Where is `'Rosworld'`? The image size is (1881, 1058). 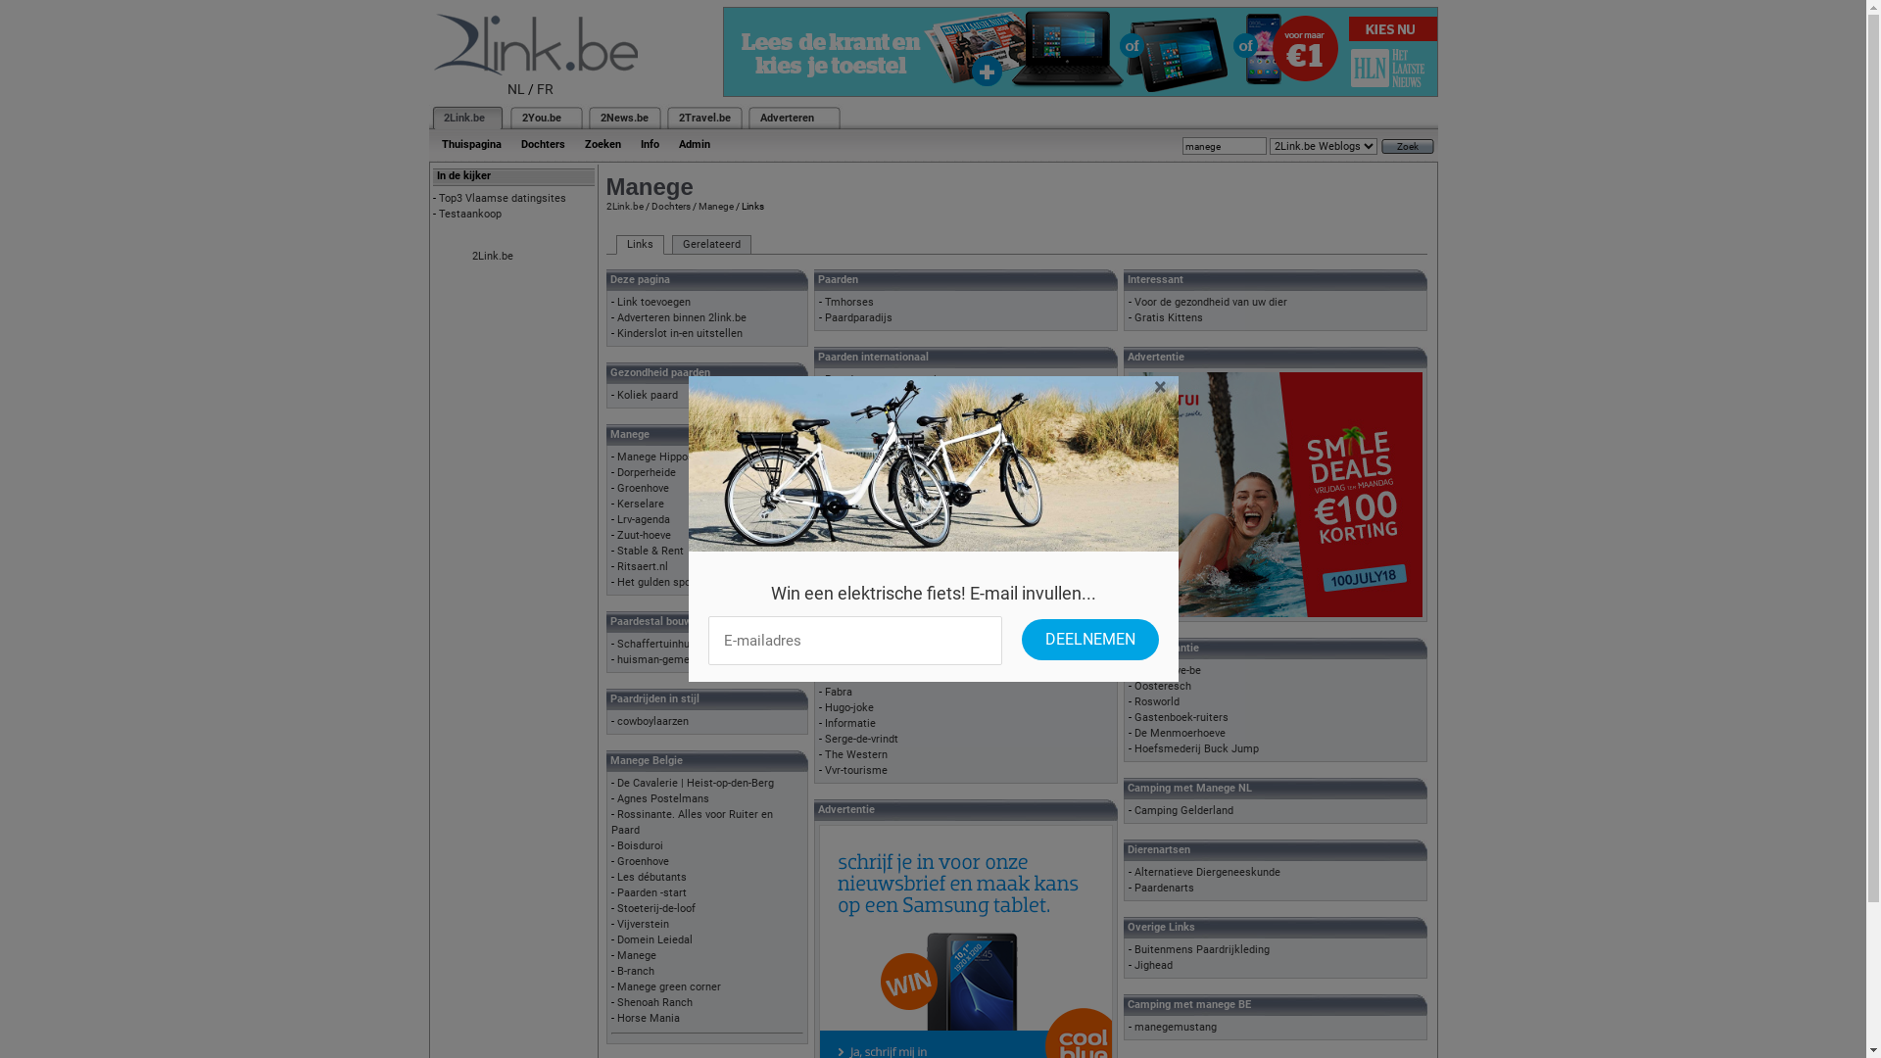 'Rosworld' is located at coordinates (1133, 700).